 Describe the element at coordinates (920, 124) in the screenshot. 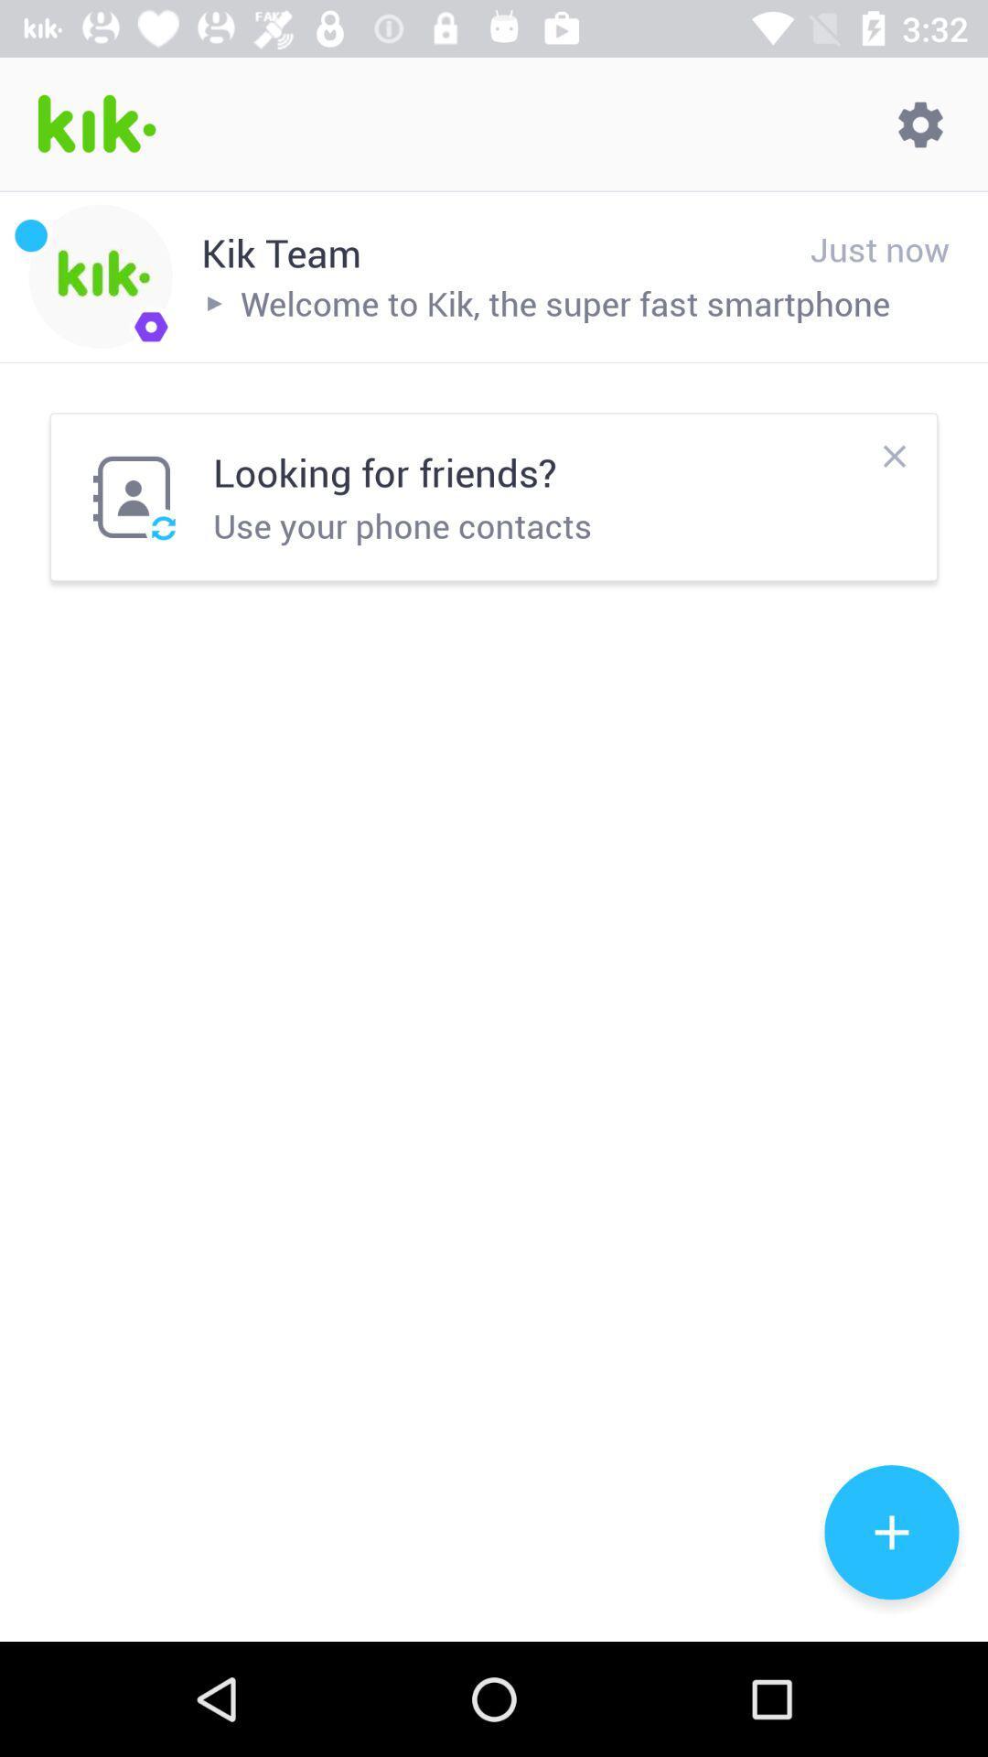

I see `the settings icon` at that location.